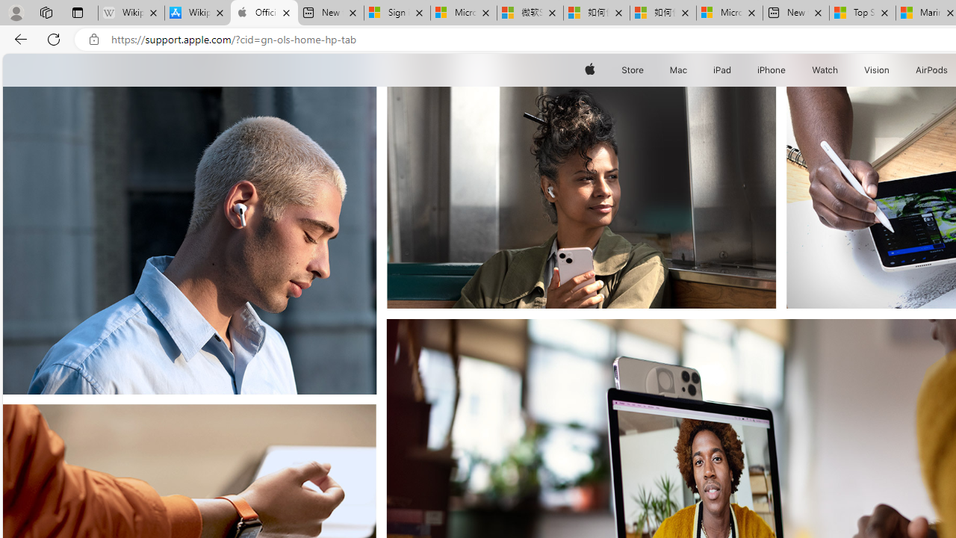 The image size is (956, 538). What do you see at coordinates (677, 69) in the screenshot?
I see `'Mac'` at bounding box center [677, 69].